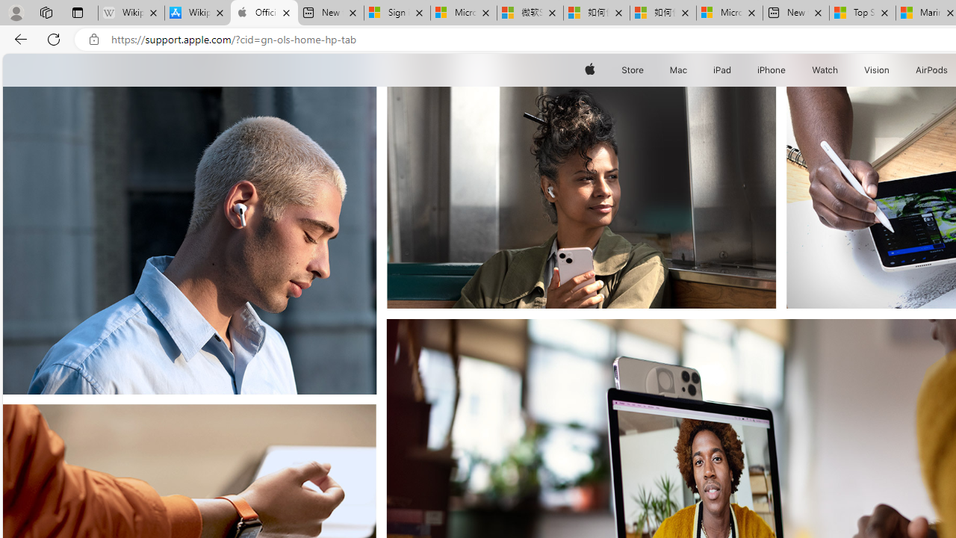 The image size is (956, 538). What do you see at coordinates (677, 69) in the screenshot?
I see `'Mac'` at bounding box center [677, 69].